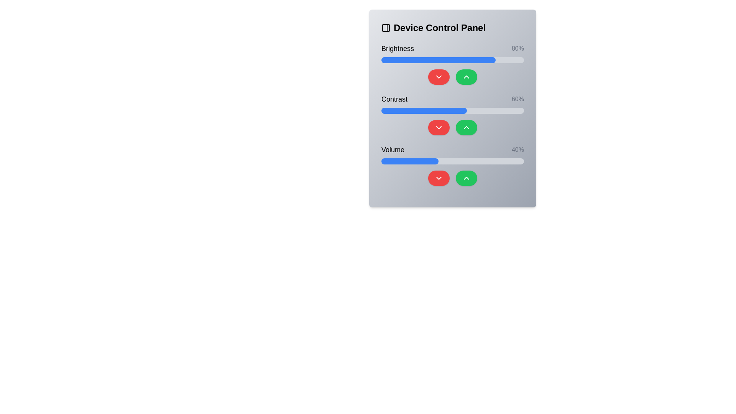 This screenshot has width=736, height=414. What do you see at coordinates (515, 111) in the screenshot?
I see `the contrast level` at bounding box center [515, 111].